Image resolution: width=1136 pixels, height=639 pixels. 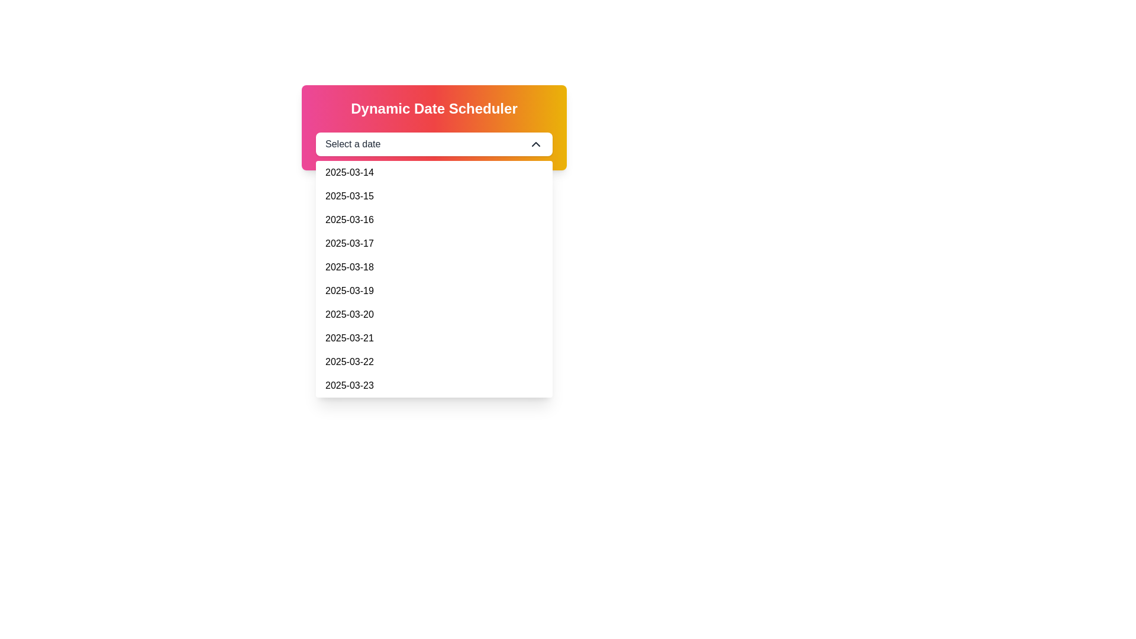 I want to click on the last item in the dropdown menu displaying a specific date, so click(x=348, y=385).